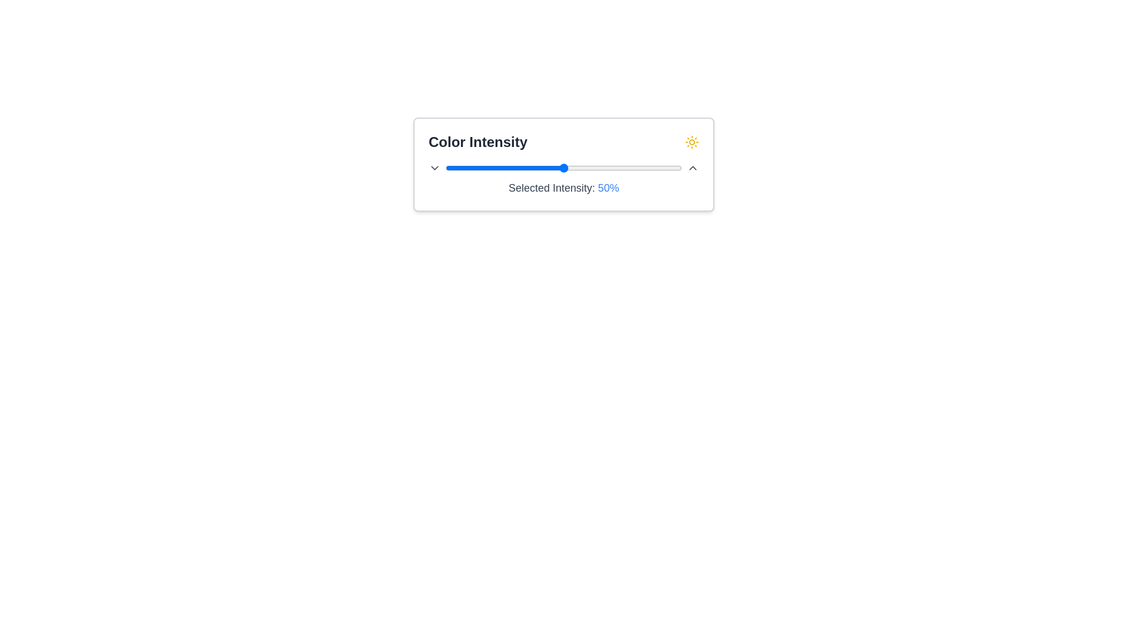 The width and height of the screenshot is (1129, 635). What do you see at coordinates (434, 168) in the screenshot?
I see `the first icon on the left, which serves as a toggle or dropdown indicator` at bounding box center [434, 168].